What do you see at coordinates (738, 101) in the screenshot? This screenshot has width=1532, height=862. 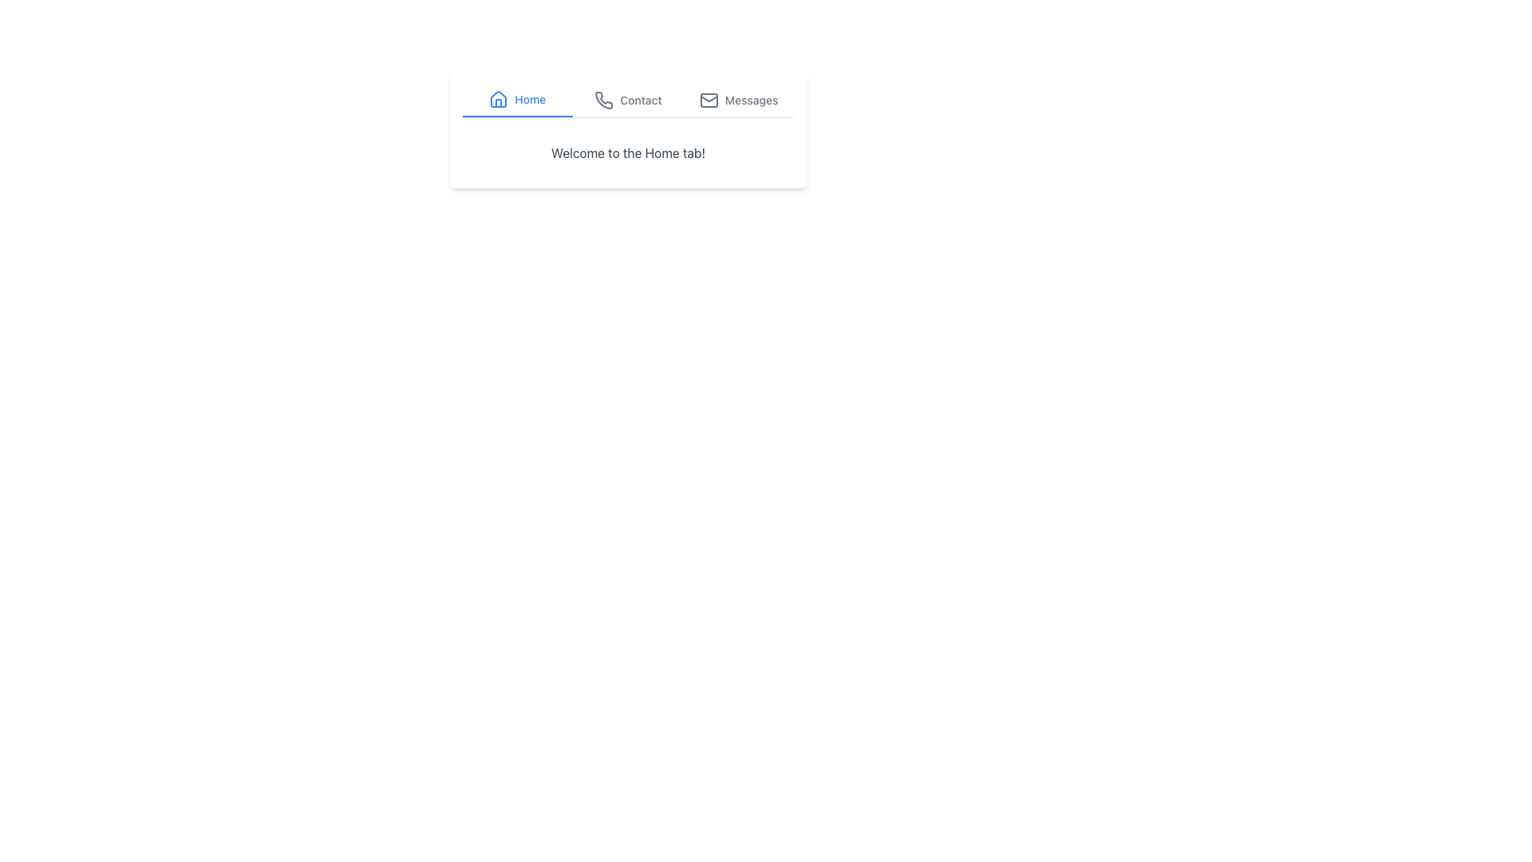 I see `the 'Messages' tab button, which is the third tab in the navigation bar` at bounding box center [738, 101].